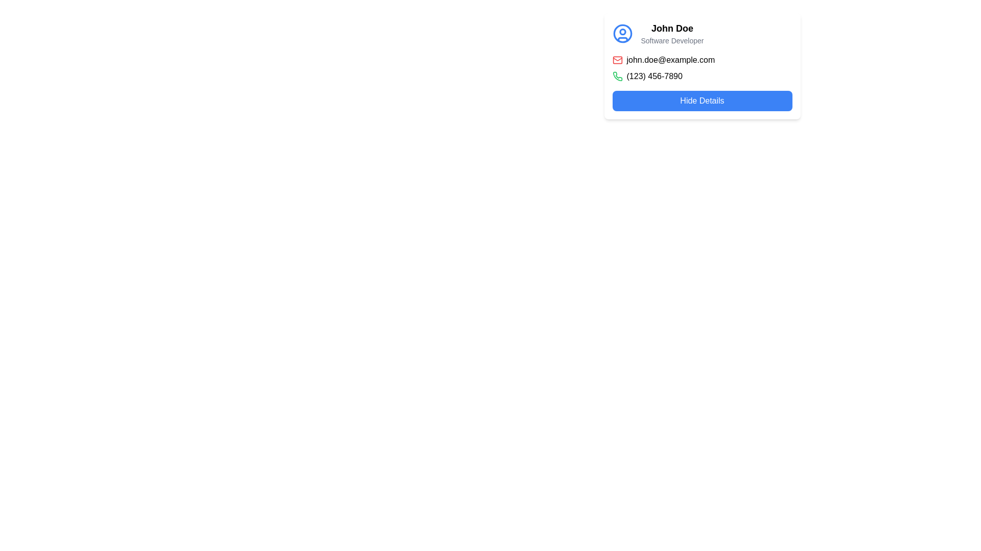  What do you see at coordinates (622, 31) in the screenshot?
I see `the user's head represented by the SVG circle shape in the user profile icon located in the top-left section of the contact card` at bounding box center [622, 31].